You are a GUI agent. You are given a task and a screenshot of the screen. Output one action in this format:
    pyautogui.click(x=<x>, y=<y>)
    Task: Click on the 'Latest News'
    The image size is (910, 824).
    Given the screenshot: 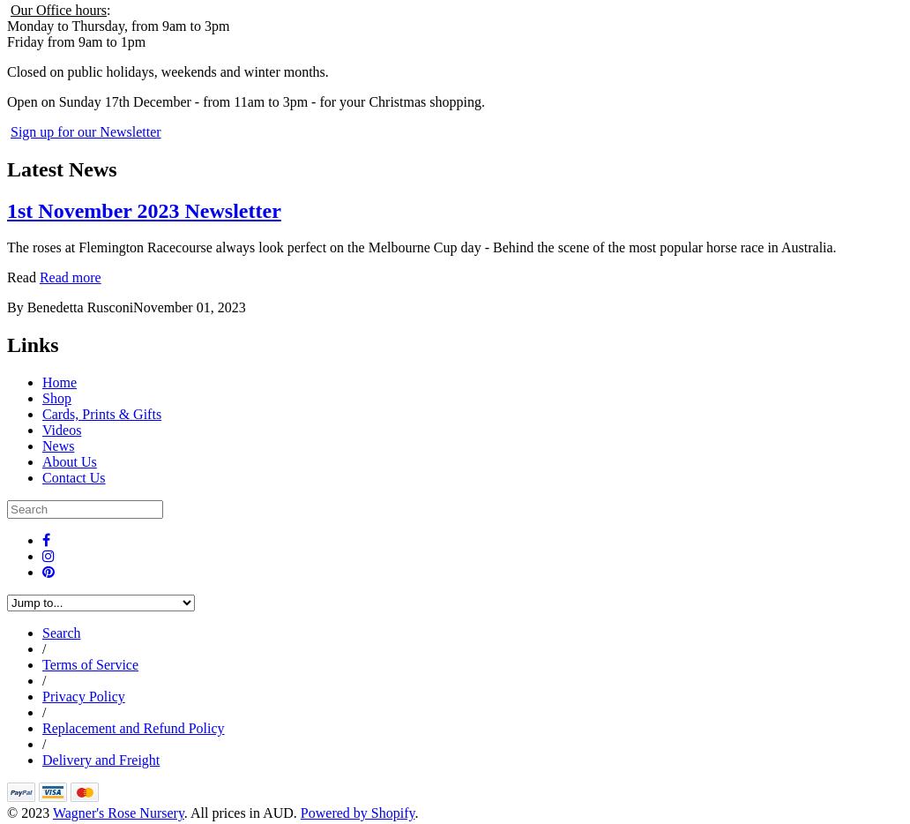 What is the action you would take?
    pyautogui.click(x=61, y=168)
    